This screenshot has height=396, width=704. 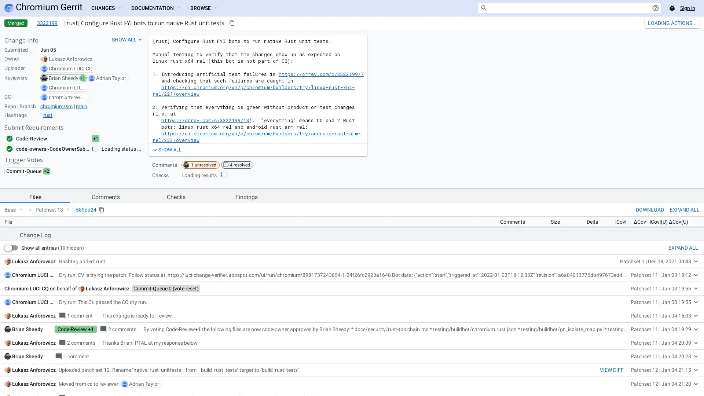 What do you see at coordinates (687, 319) in the screenshot?
I see `FILE BUG` at bounding box center [687, 319].